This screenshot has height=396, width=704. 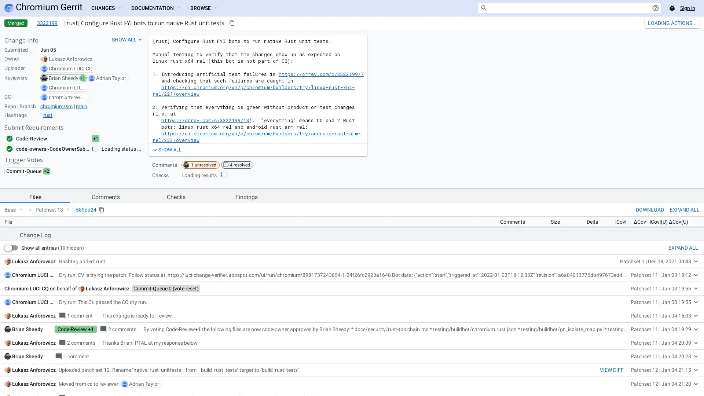 What do you see at coordinates (687, 319) in the screenshot?
I see `FILE BUG` at bounding box center [687, 319].